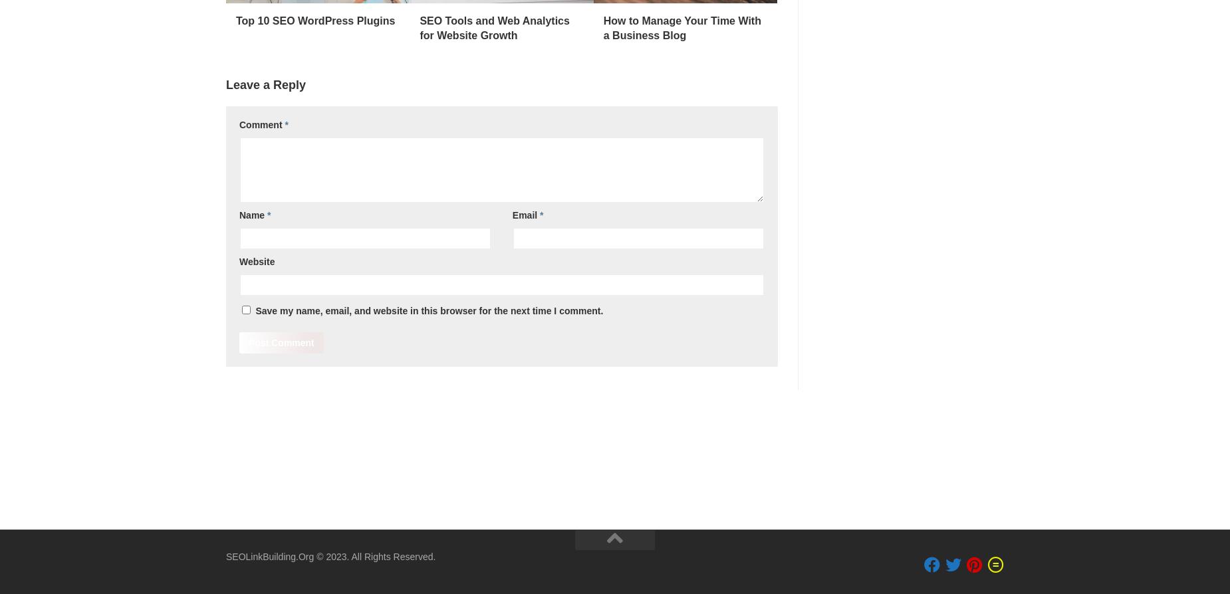 Image resolution: width=1230 pixels, height=594 pixels. Describe the element at coordinates (526, 214) in the screenshot. I see `'Email'` at that location.